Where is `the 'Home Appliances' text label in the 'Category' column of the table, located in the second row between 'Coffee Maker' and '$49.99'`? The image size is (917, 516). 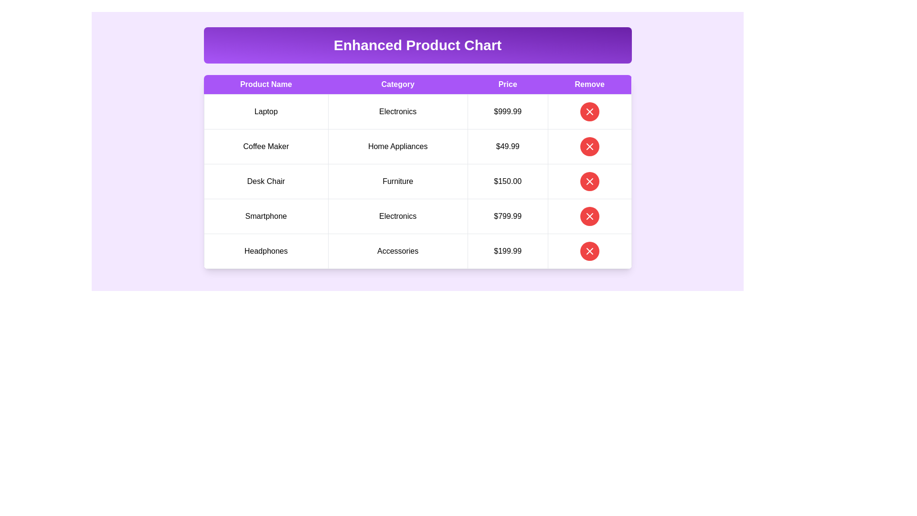
the 'Home Appliances' text label in the 'Category' column of the table, located in the second row between 'Coffee Maker' and '$49.99' is located at coordinates (398, 147).